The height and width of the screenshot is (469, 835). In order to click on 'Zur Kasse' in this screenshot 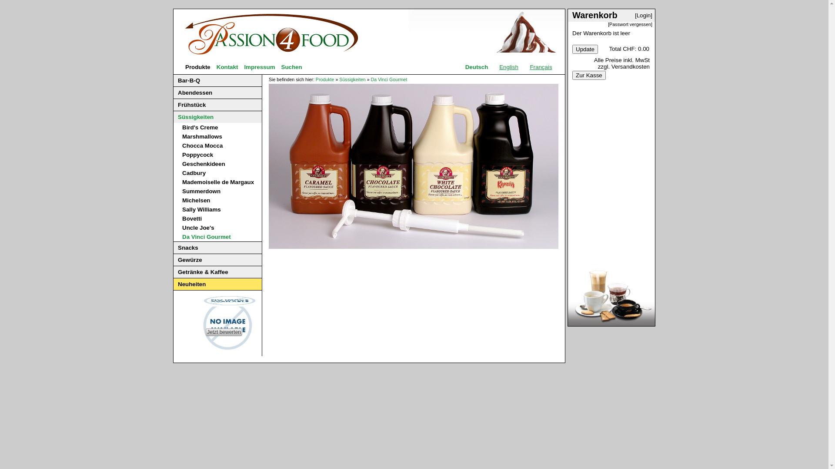, I will do `click(572, 75)`.